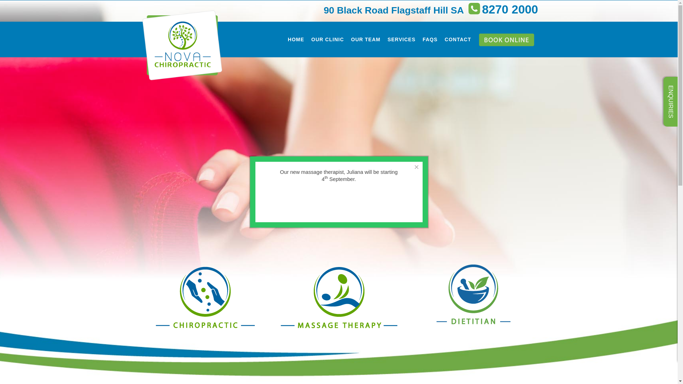 Image resolution: width=683 pixels, height=384 pixels. Describe the element at coordinates (401, 39) in the screenshot. I see `'SERVICES'` at that location.